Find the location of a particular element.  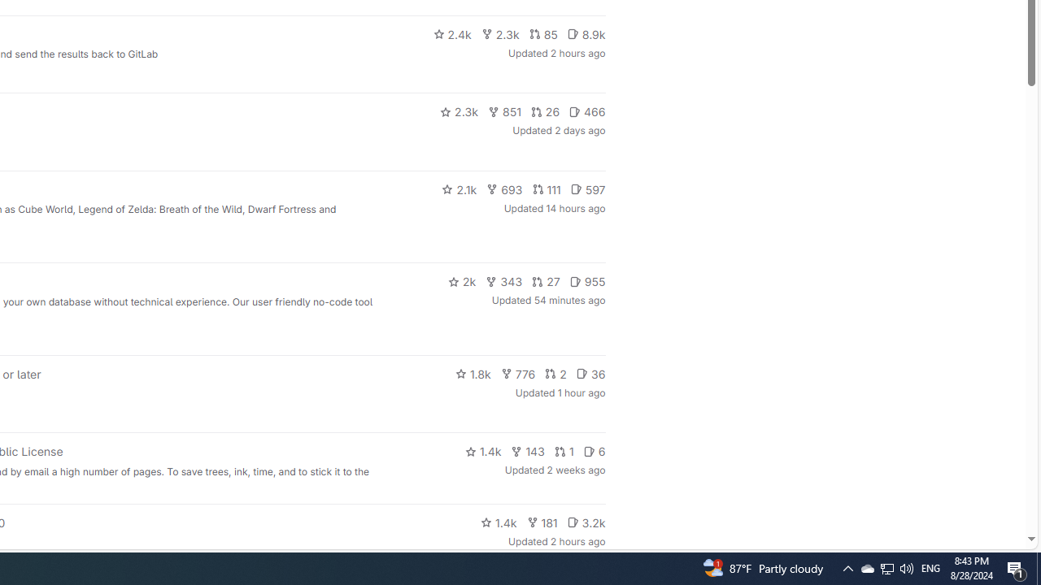

'1' is located at coordinates (564, 452).